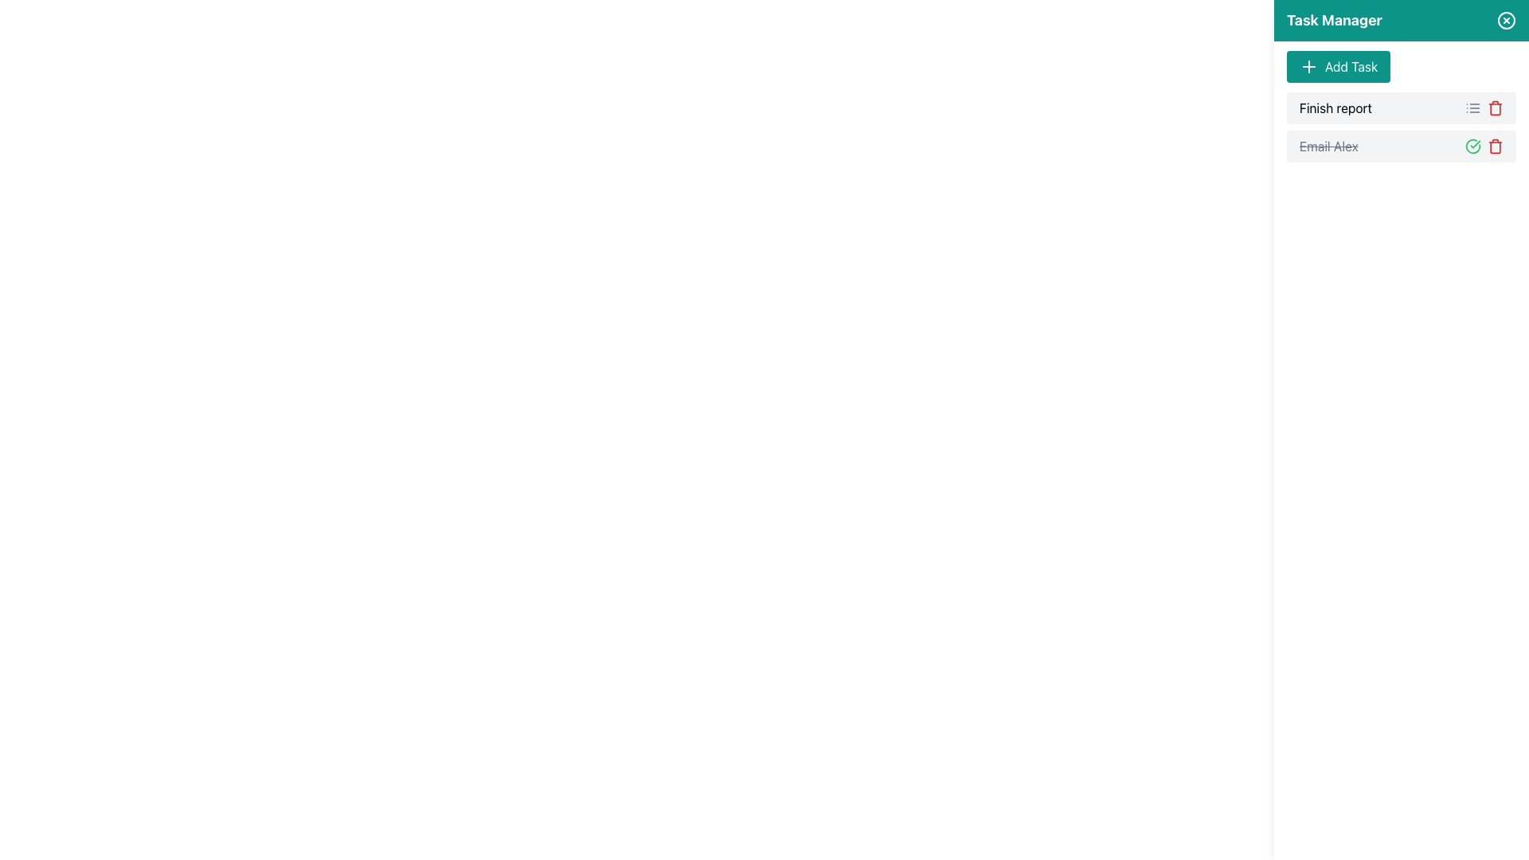 This screenshot has width=1529, height=860. Describe the element at coordinates (1328, 147) in the screenshot. I see `text label indicating the task named 'Email Alex', which is marked as completed in the Task Manager section` at that location.